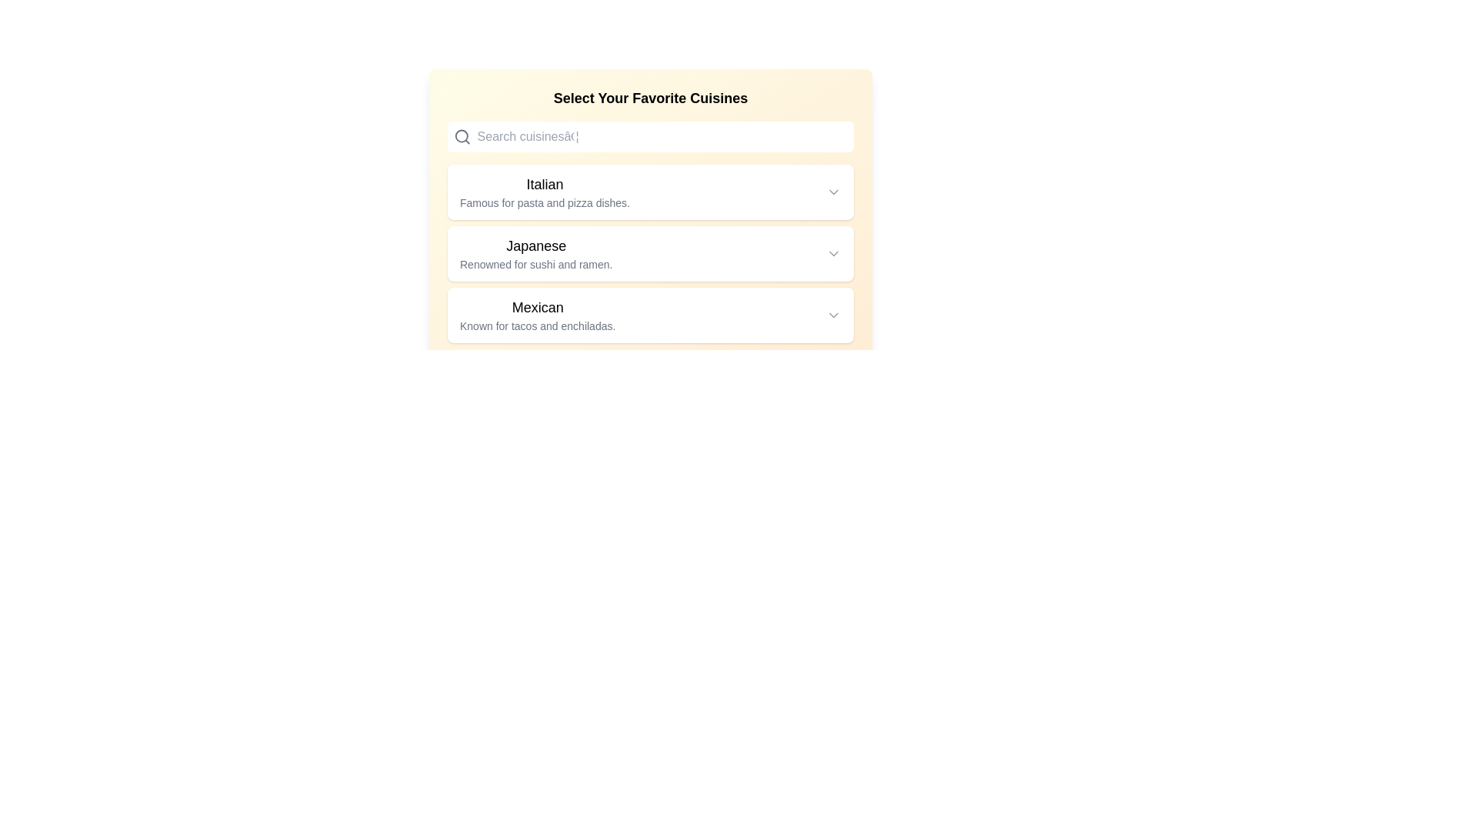 This screenshot has height=831, width=1477. Describe the element at coordinates (536, 245) in the screenshot. I see `the text label that serves as a heading or title for a selectable item related to Japanese cuisine, located in the middle of a vertical stack of similar containers` at that location.